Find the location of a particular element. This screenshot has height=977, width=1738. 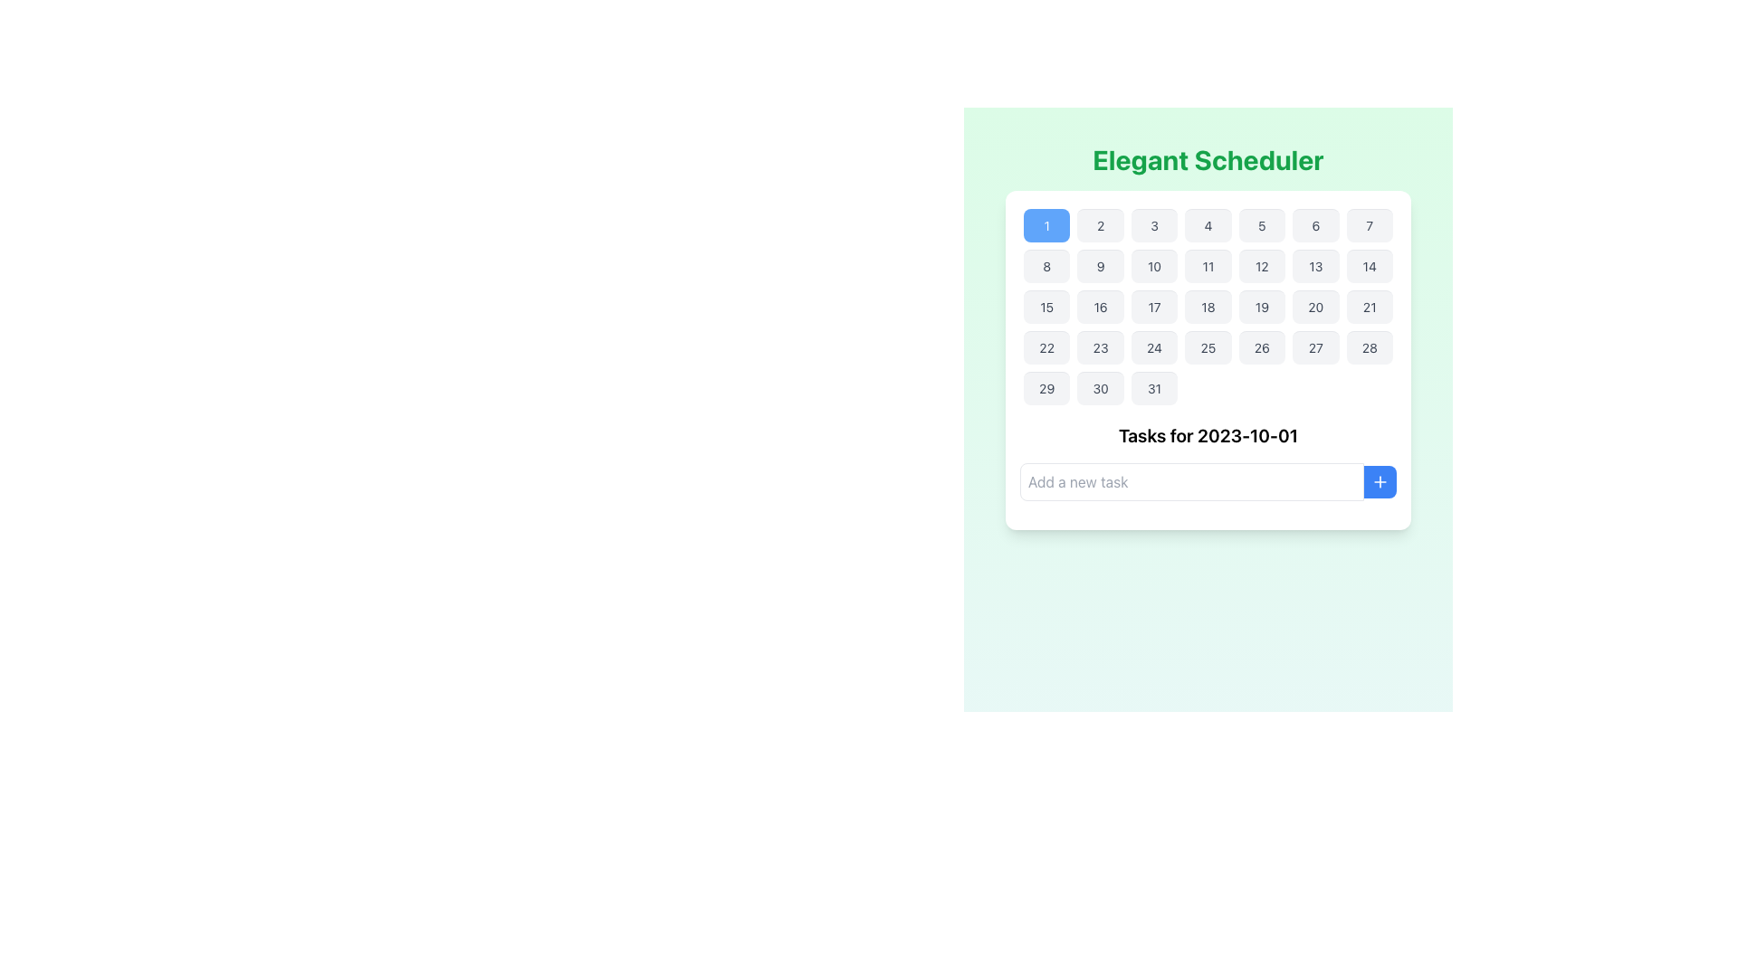

the small rectangular button labeled '4' in the calendar grid, located in the first row and fourth column is located at coordinates (1208, 224).